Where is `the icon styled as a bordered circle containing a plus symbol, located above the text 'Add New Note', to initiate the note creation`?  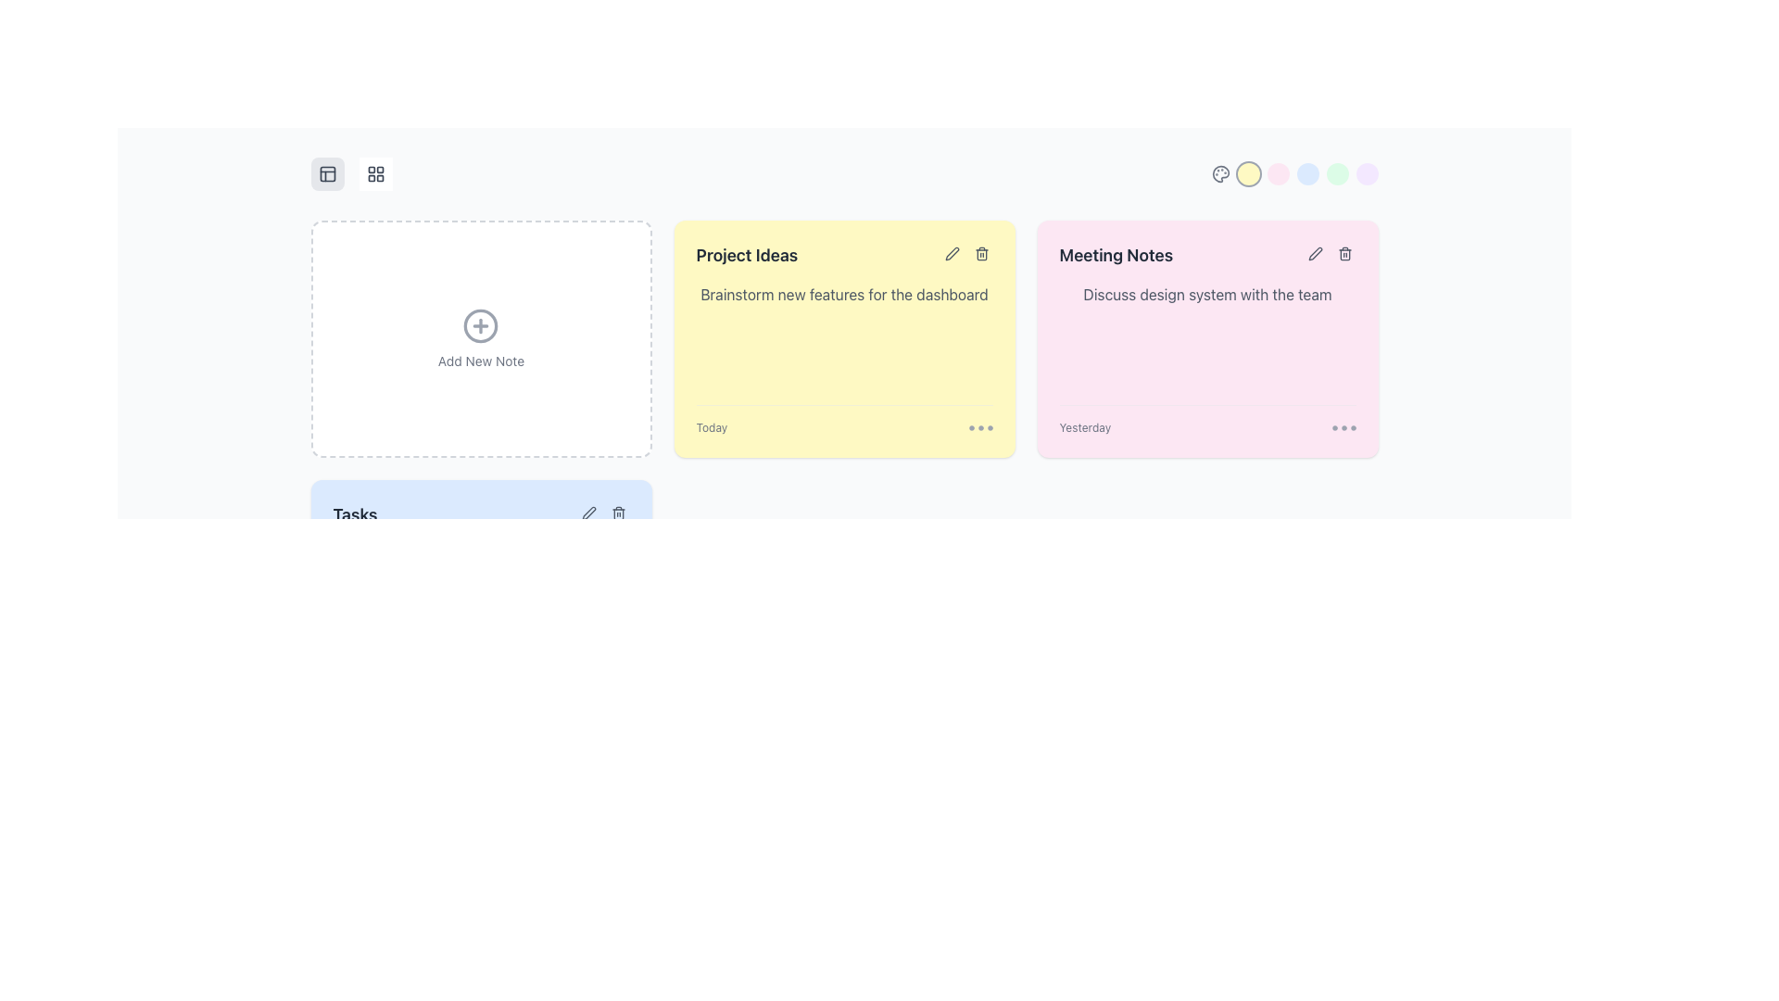
the icon styled as a bordered circle containing a plus symbol, located above the text 'Add New Note', to initiate the note creation is located at coordinates (481, 339).